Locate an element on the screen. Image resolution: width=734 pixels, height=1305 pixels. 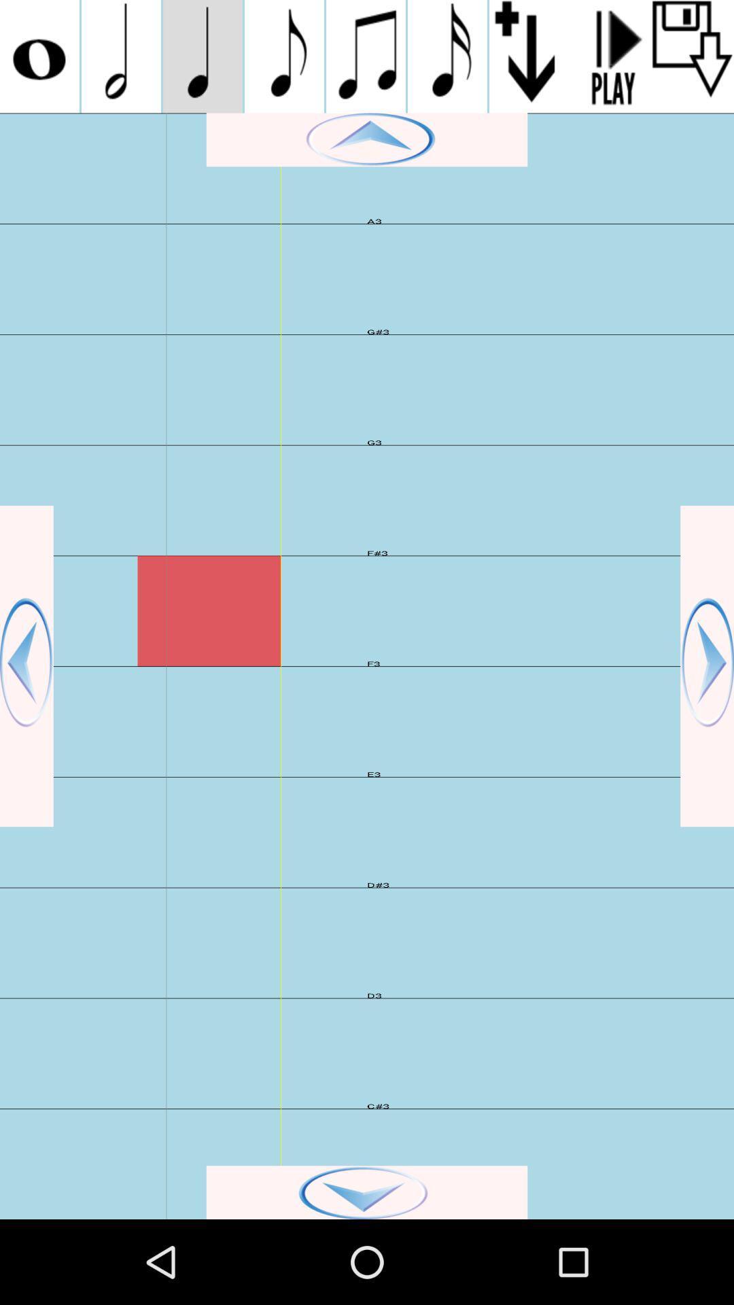
down is located at coordinates (367, 1191).